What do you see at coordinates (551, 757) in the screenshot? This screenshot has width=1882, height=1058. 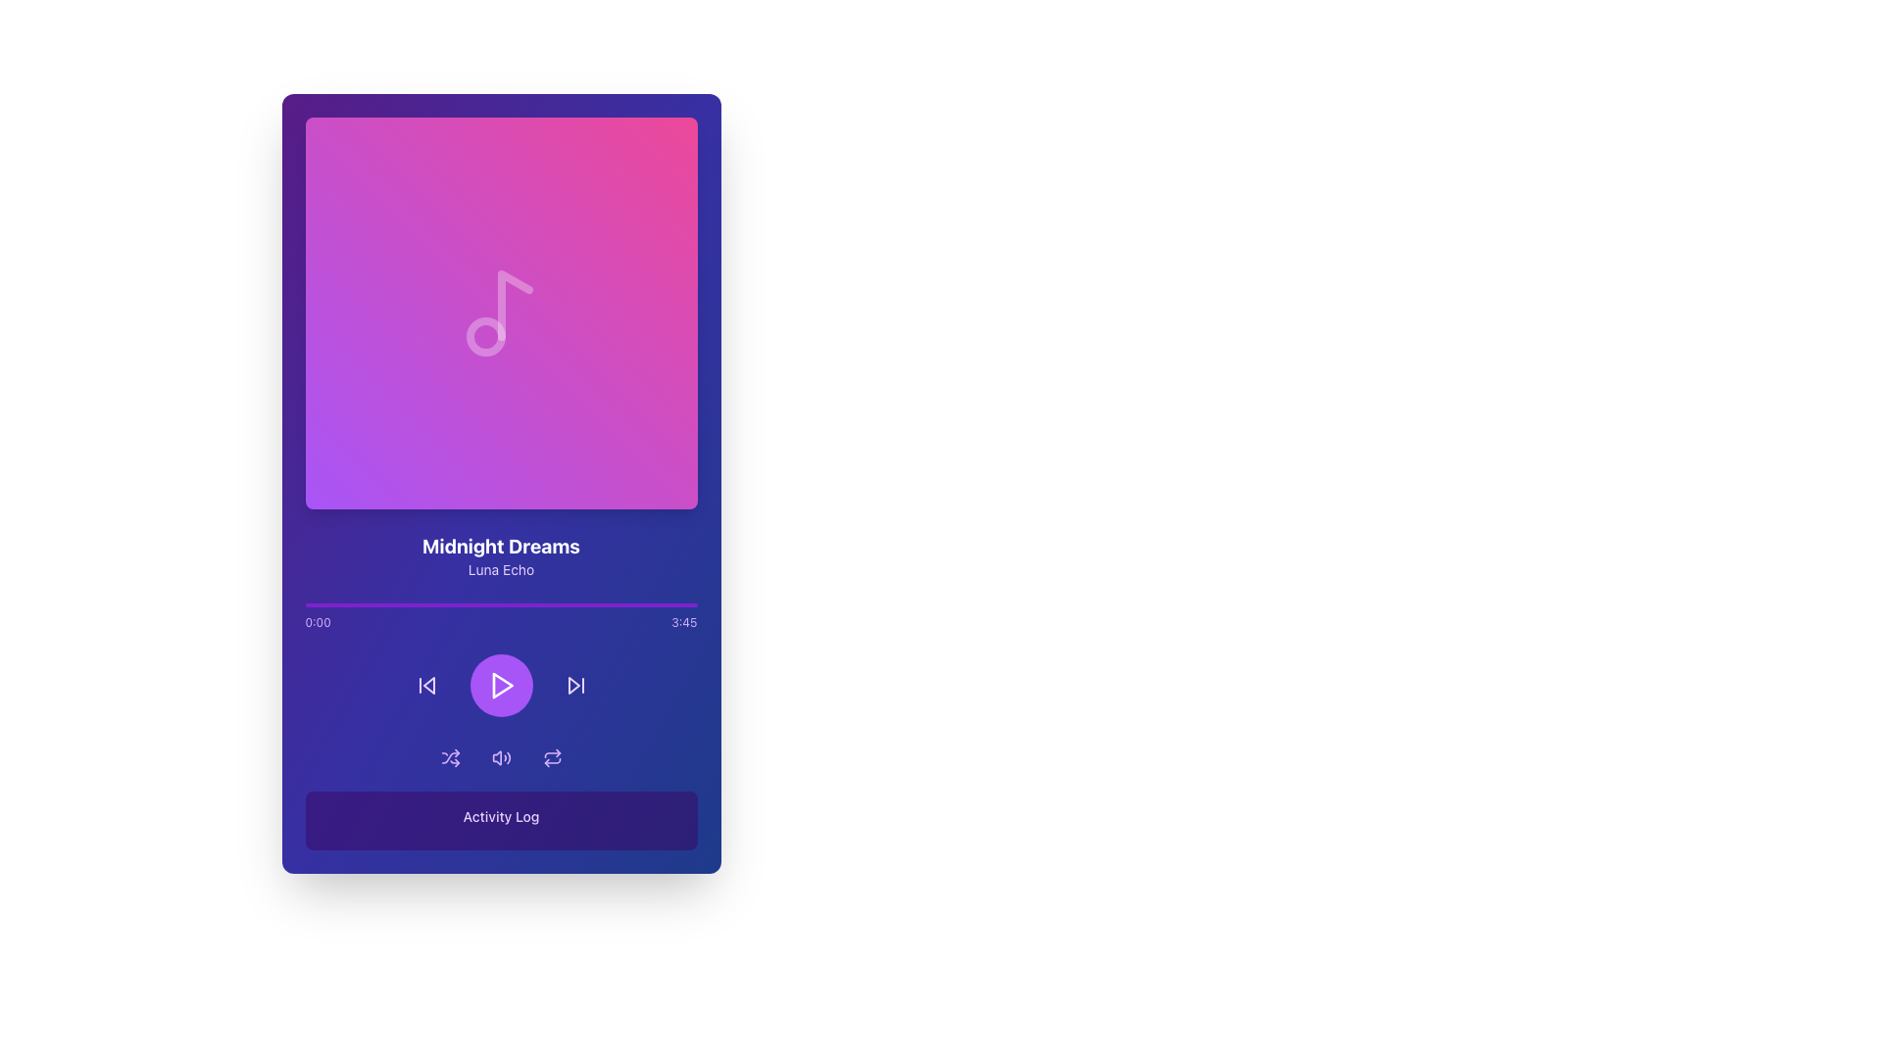 I see `the circular repeat/refresh icon button at the far-right end of the button row to observe the styling change` at bounding box center [551, 757].